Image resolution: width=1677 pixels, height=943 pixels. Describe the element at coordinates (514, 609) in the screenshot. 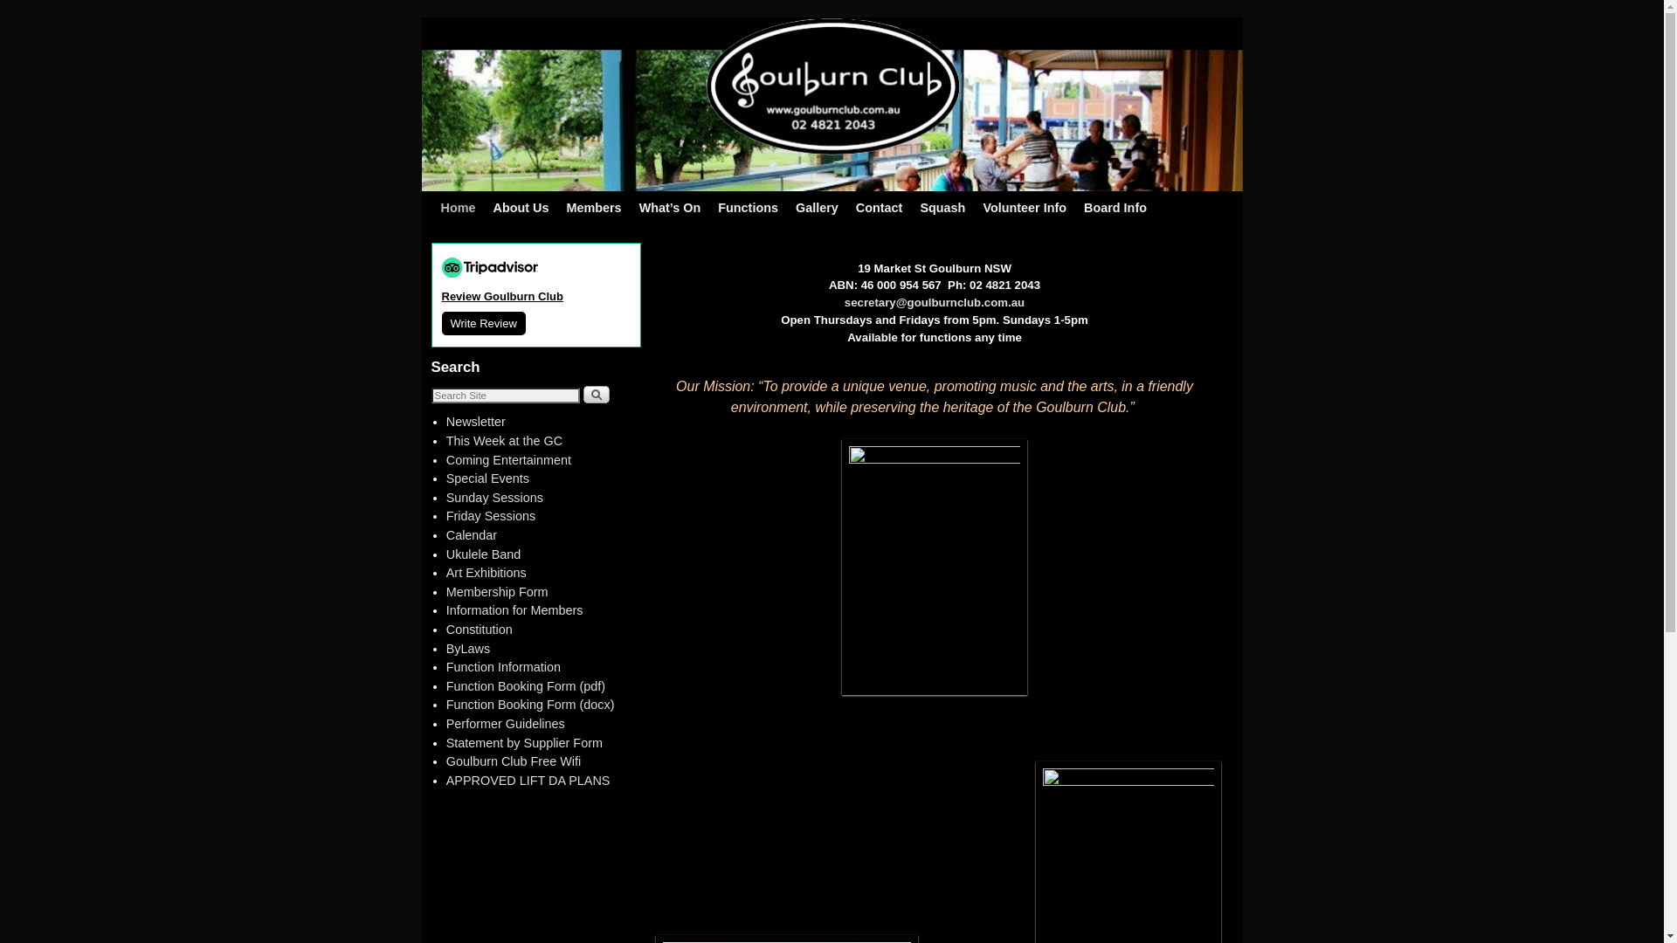

I see `'Information for Members'` at that location.